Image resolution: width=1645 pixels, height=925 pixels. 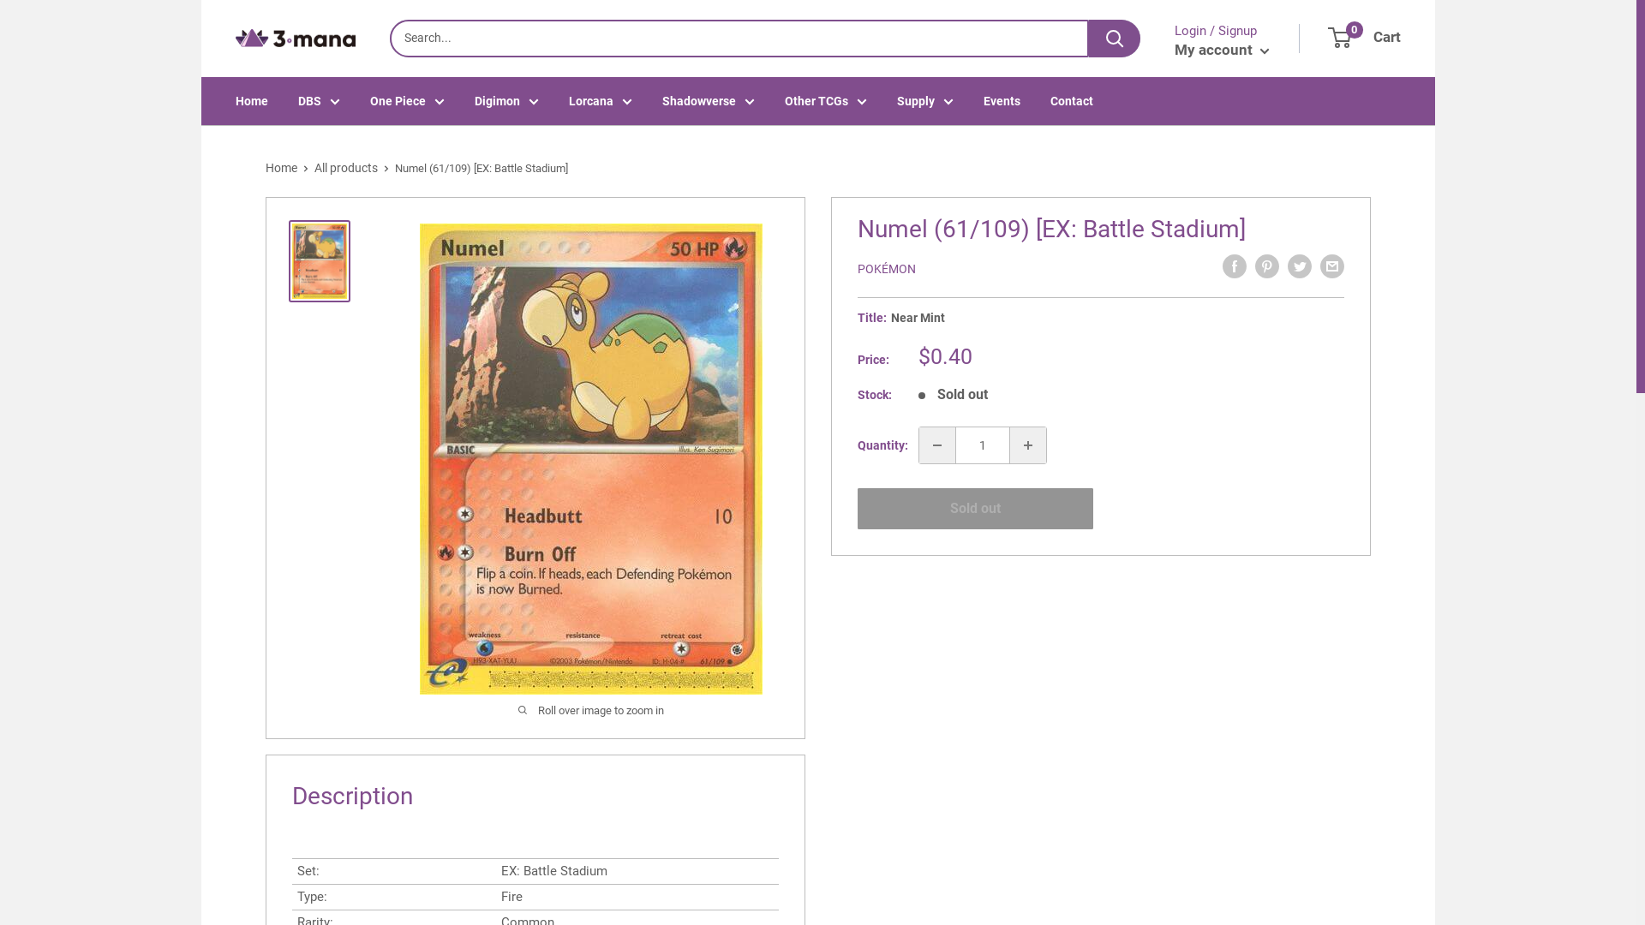 What do you see at coordinates (1221, 48) in the screenshot?
I see `'My account'` at bounding box center [1221, 48].